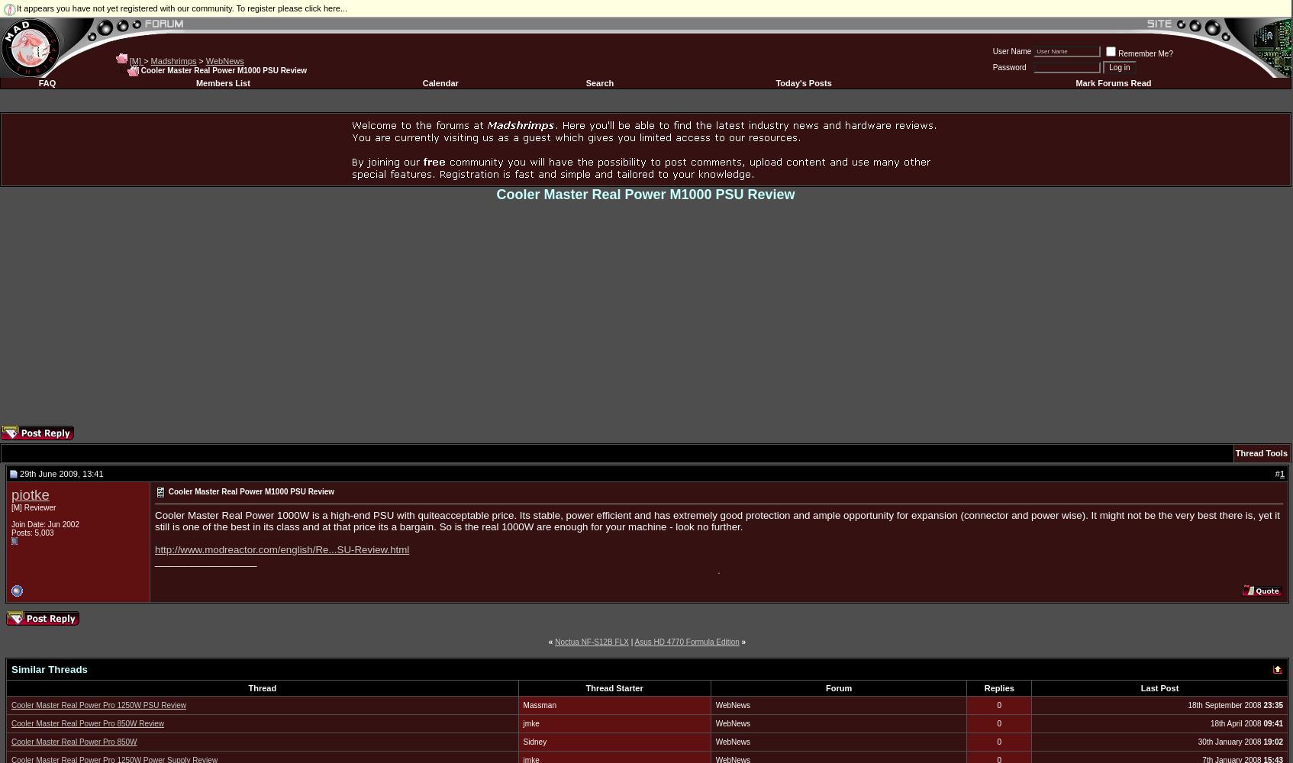 The height and width of the screenshot is (763, 1293). What do you see at coordinates (44, 524) in the screenshot?
I see `'Join Date: Jun 2002'` at bounding box center [44, 524].